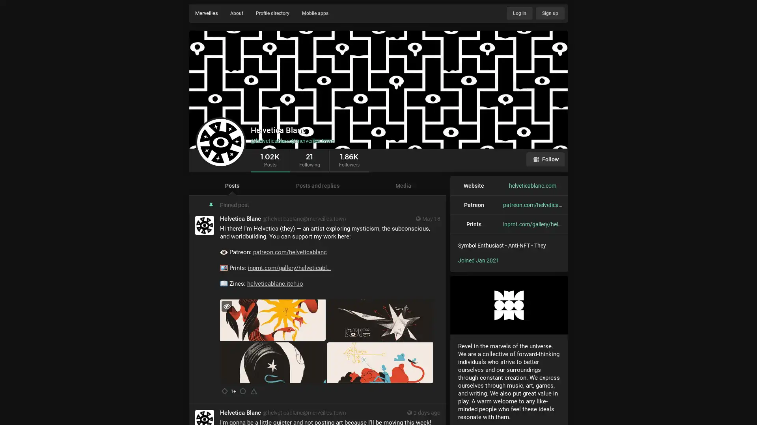  Describe the element at coordinates (226, 306) in the screenshot. I see `Hide images` at that location.